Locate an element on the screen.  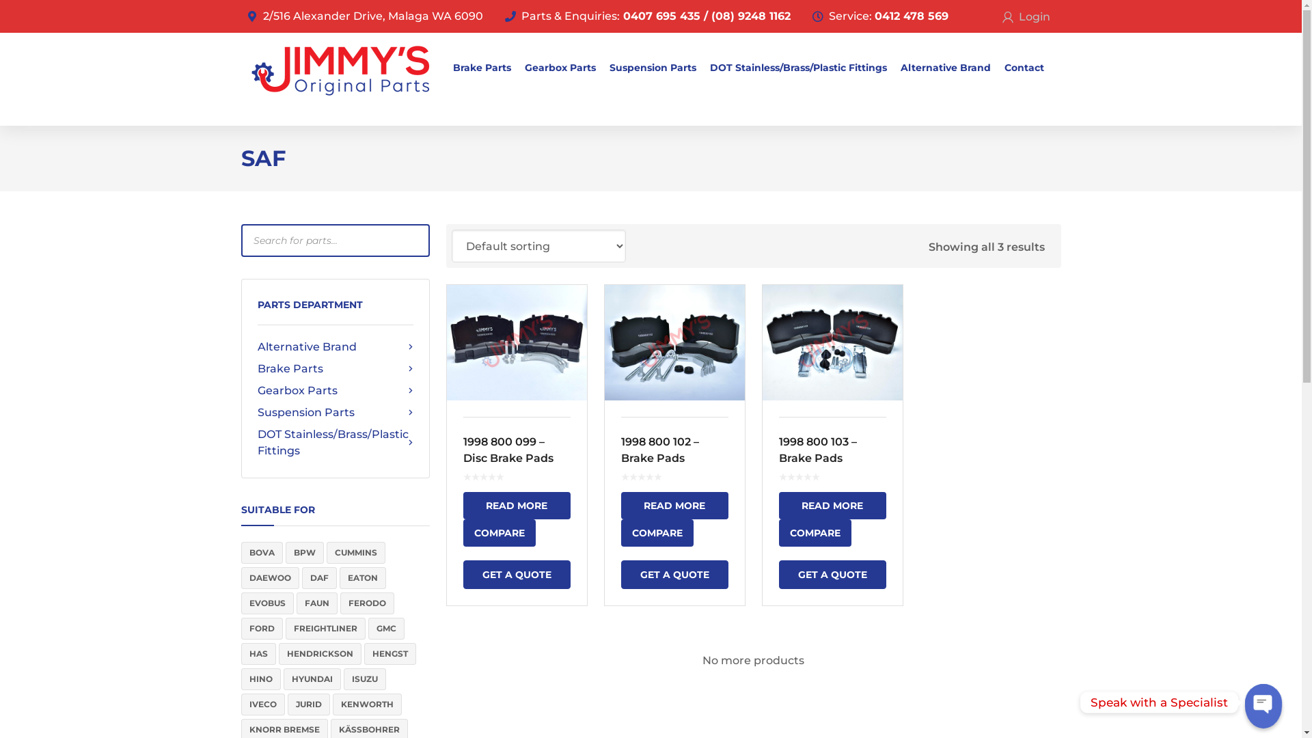
'Suspension Parts' is located at coordinates (334, 412).